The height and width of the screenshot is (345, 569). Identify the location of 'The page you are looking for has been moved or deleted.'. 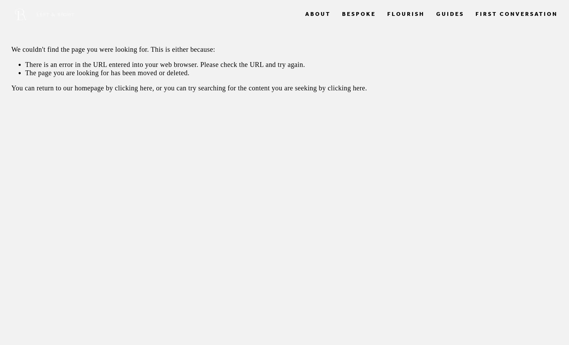
(107, 72).